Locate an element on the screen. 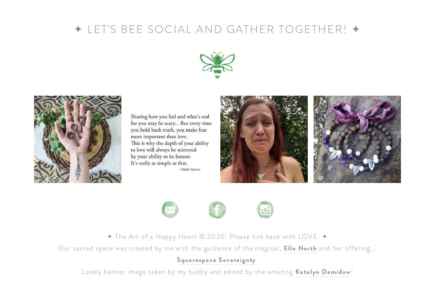 This screenshot has height=308, width=435. '© 2020. Please link back with LOVE. ✦' is located at coordinates (263, 236).